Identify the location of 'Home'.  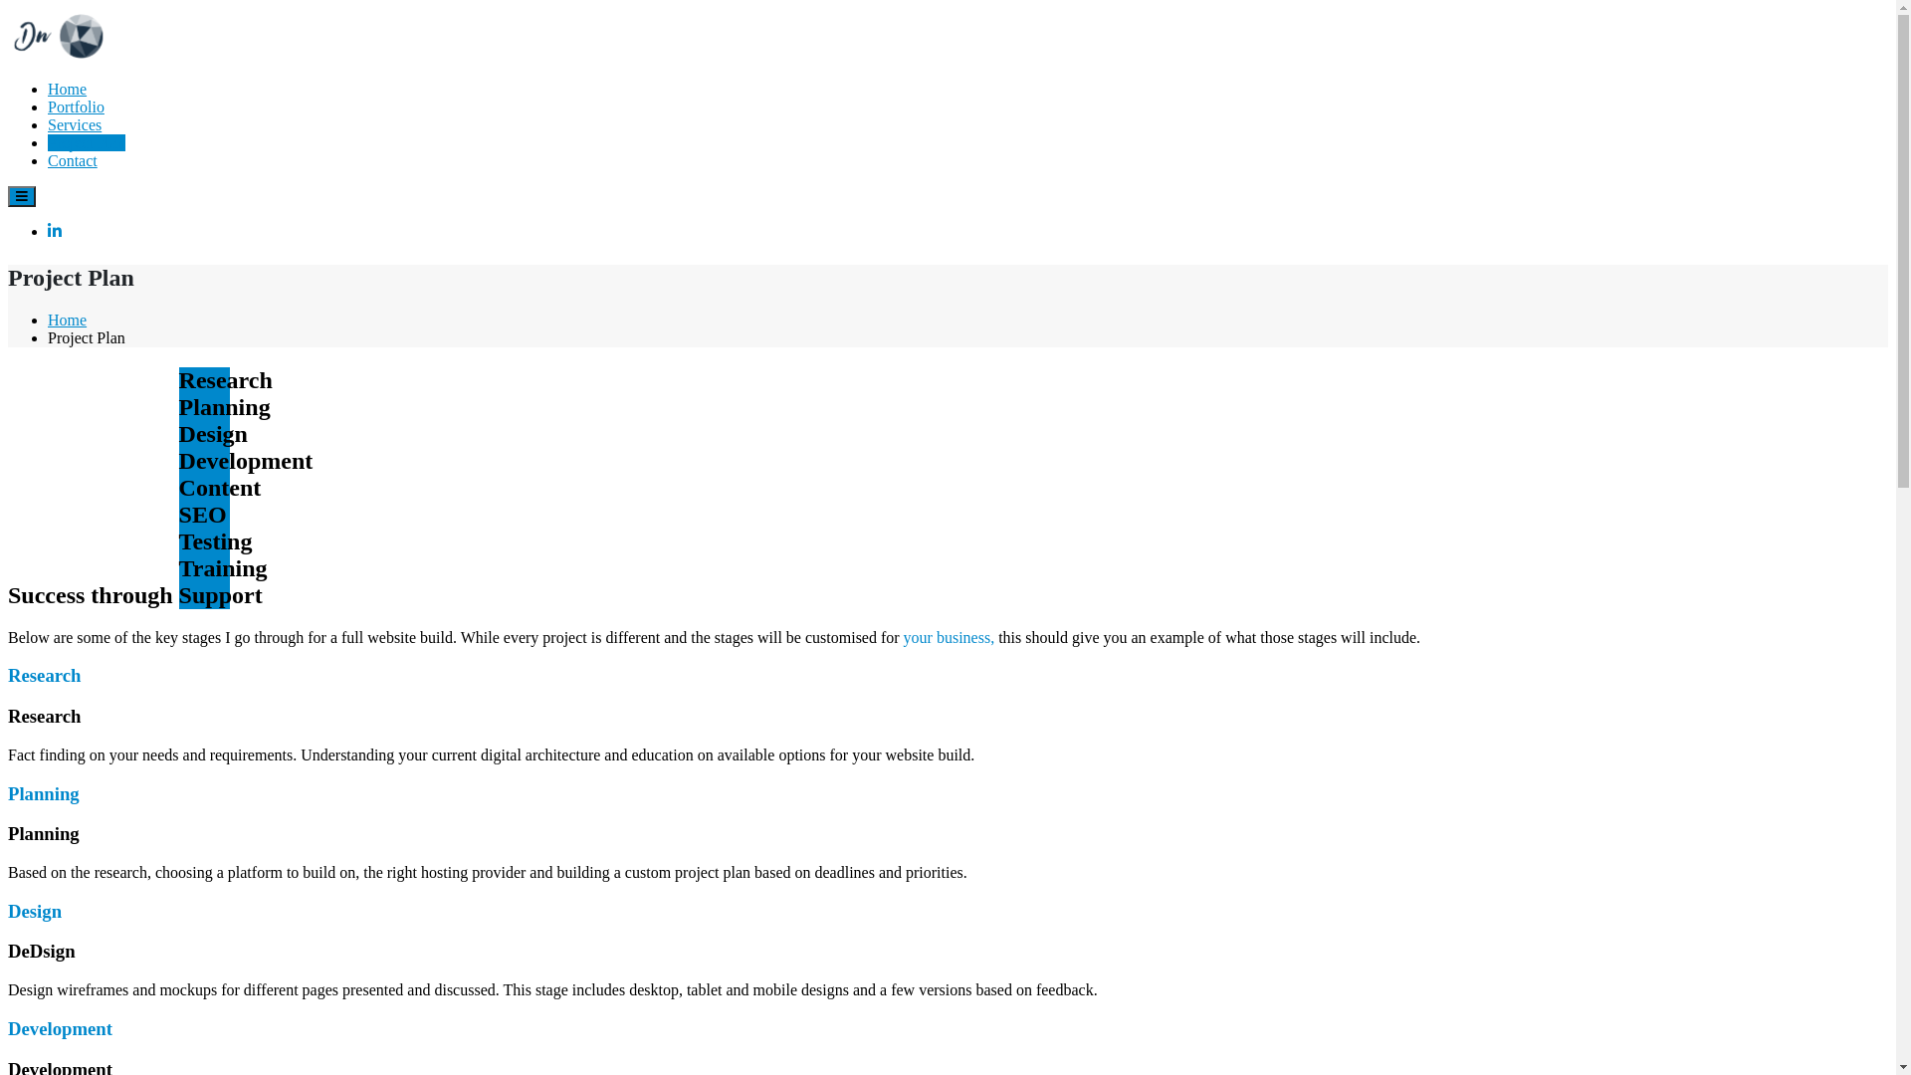
(67, 88).